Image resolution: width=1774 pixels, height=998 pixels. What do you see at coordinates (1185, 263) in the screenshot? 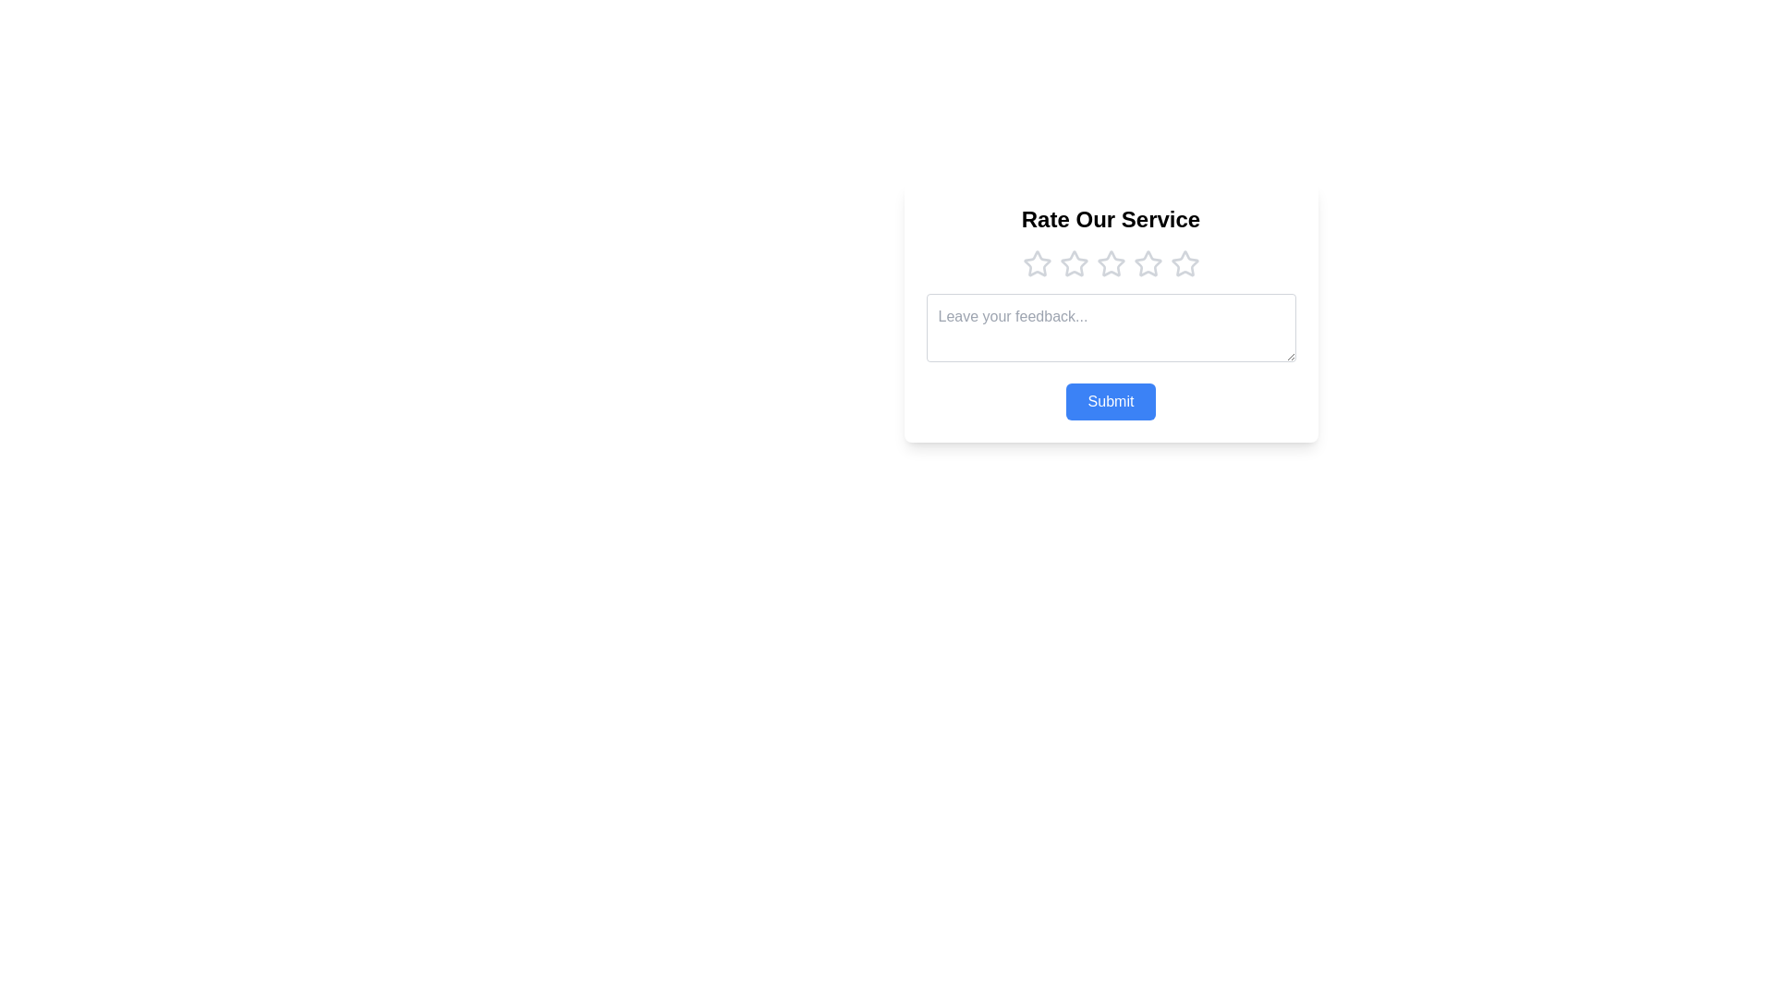
I see `the fifth star-shaped rating icon below the 'Rate Our Service' header` at bounding box center [1185, 263].